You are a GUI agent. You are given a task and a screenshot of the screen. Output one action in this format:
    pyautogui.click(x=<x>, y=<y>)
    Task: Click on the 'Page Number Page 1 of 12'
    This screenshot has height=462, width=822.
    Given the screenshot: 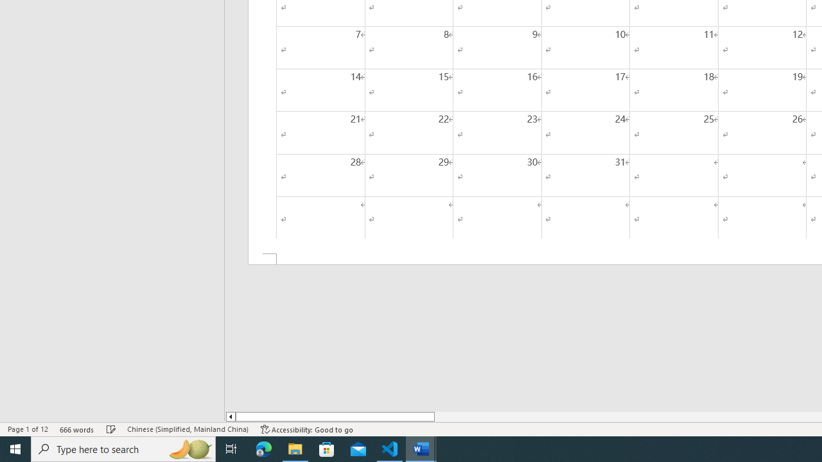 What is the action you would take?
    pyautogui.click(x=28, y=429)
    